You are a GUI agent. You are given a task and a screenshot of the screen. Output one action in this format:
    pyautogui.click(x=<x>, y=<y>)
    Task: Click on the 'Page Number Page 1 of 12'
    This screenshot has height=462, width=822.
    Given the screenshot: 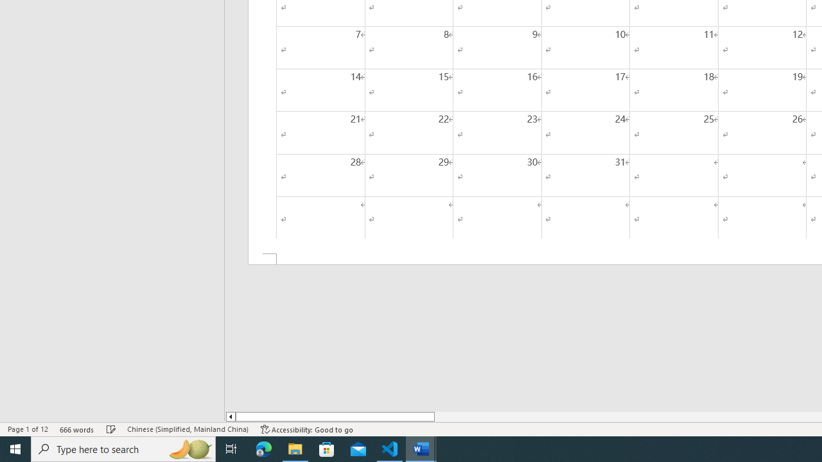 What is the action you would take?
    pyautogui.click(x=28, y=429)
    